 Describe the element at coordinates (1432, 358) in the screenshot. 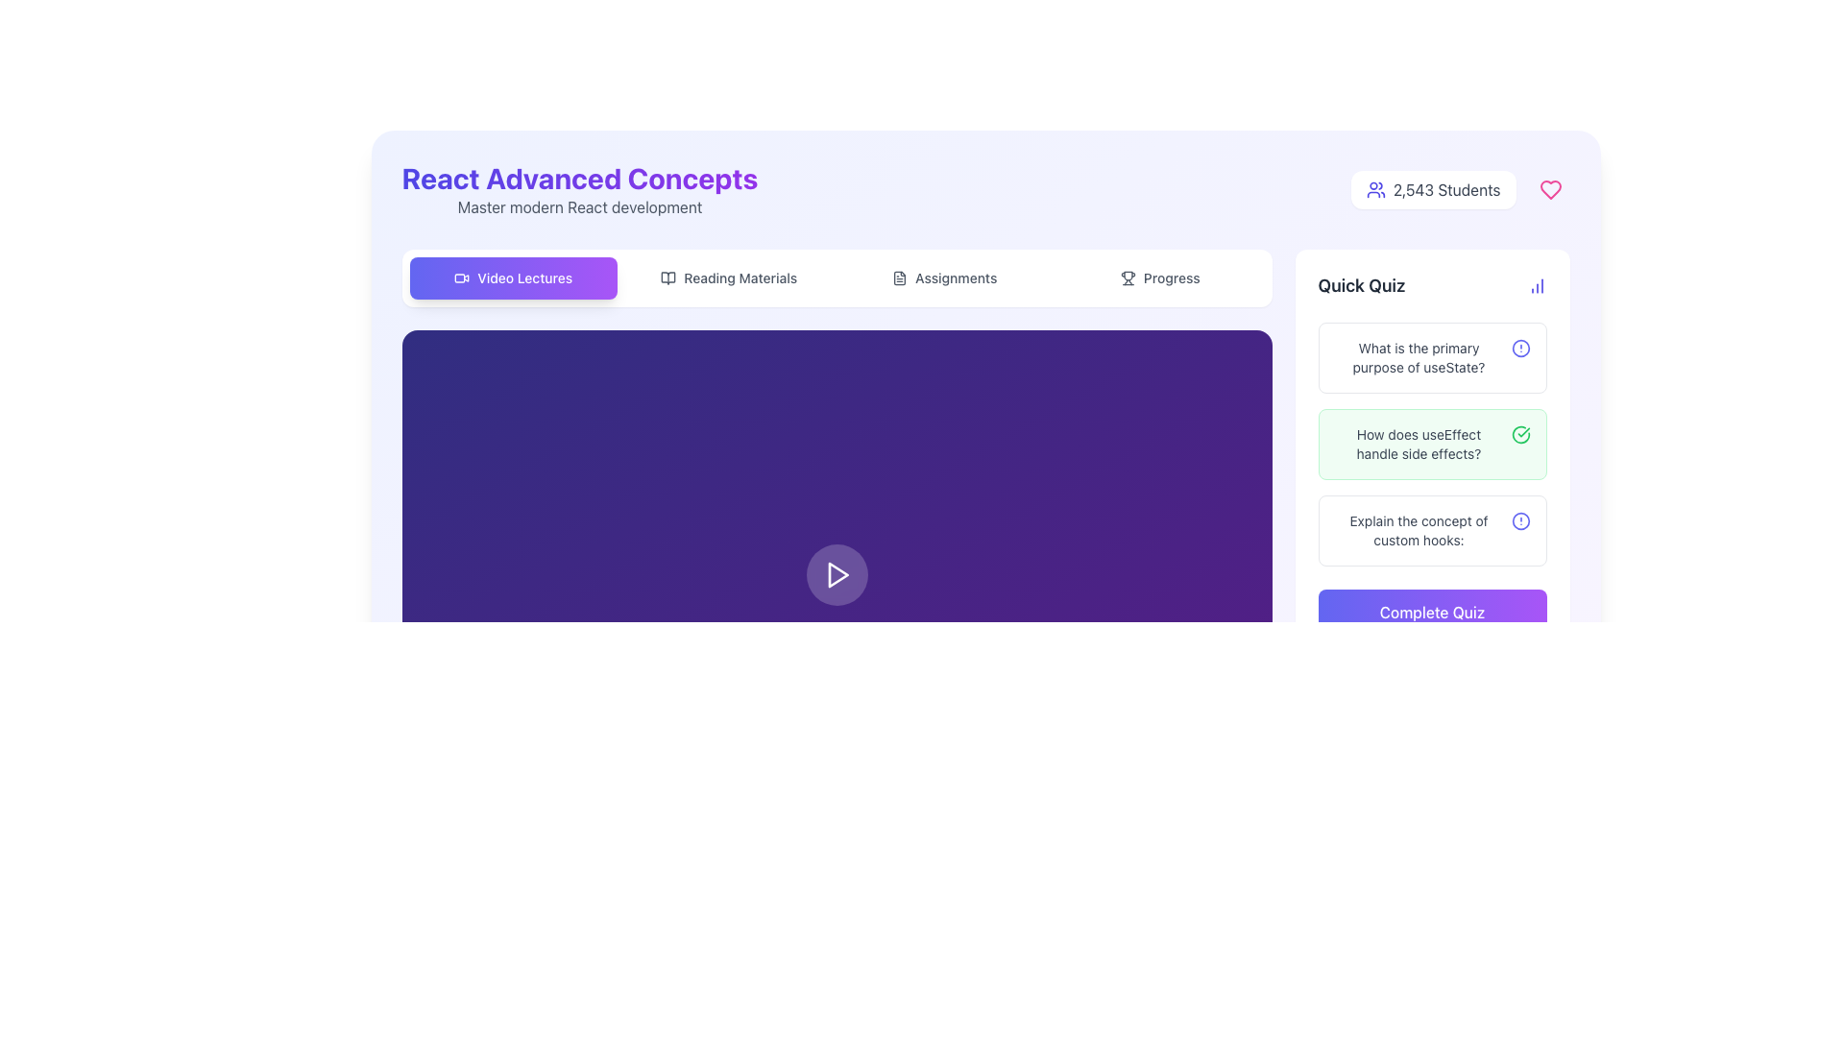

I see `the question 'What is the primary purpose of useState?' along with its informational icon` at that location.